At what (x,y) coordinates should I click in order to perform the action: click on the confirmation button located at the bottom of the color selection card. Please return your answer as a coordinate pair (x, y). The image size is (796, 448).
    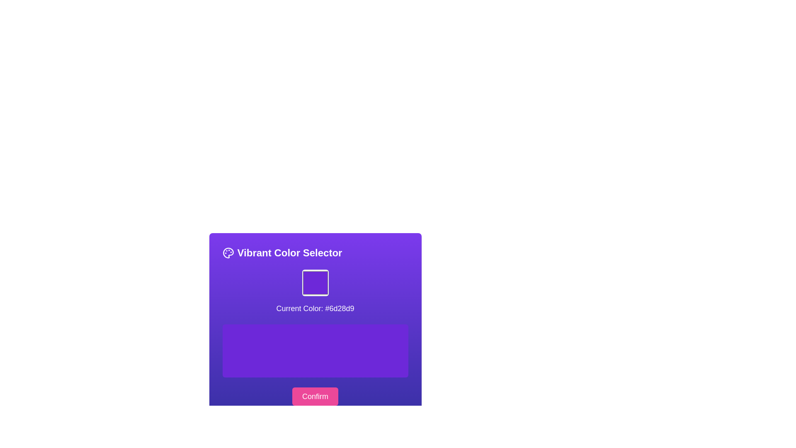
    Looking at the image, I should click on (315, 396).